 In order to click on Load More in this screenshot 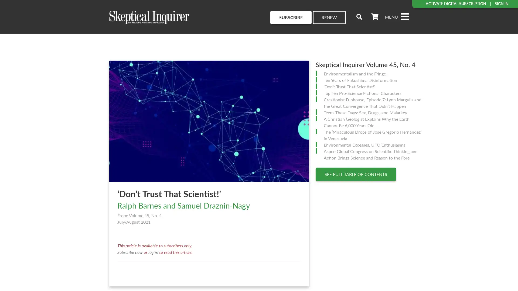, I will do `click(209, 273)`.